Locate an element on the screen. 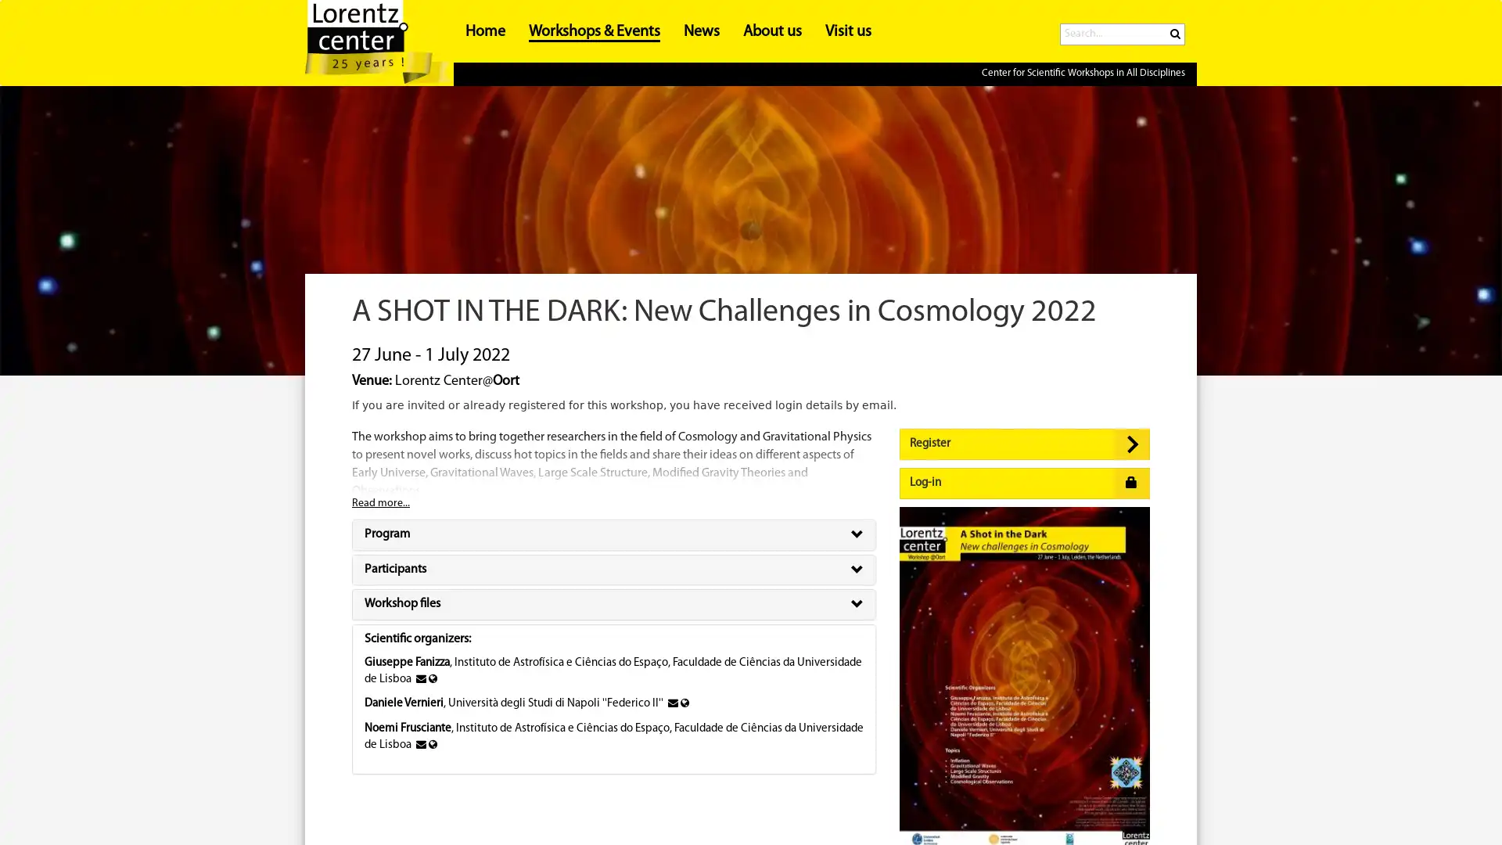  Log-in is located at coordinates (1025, 482).